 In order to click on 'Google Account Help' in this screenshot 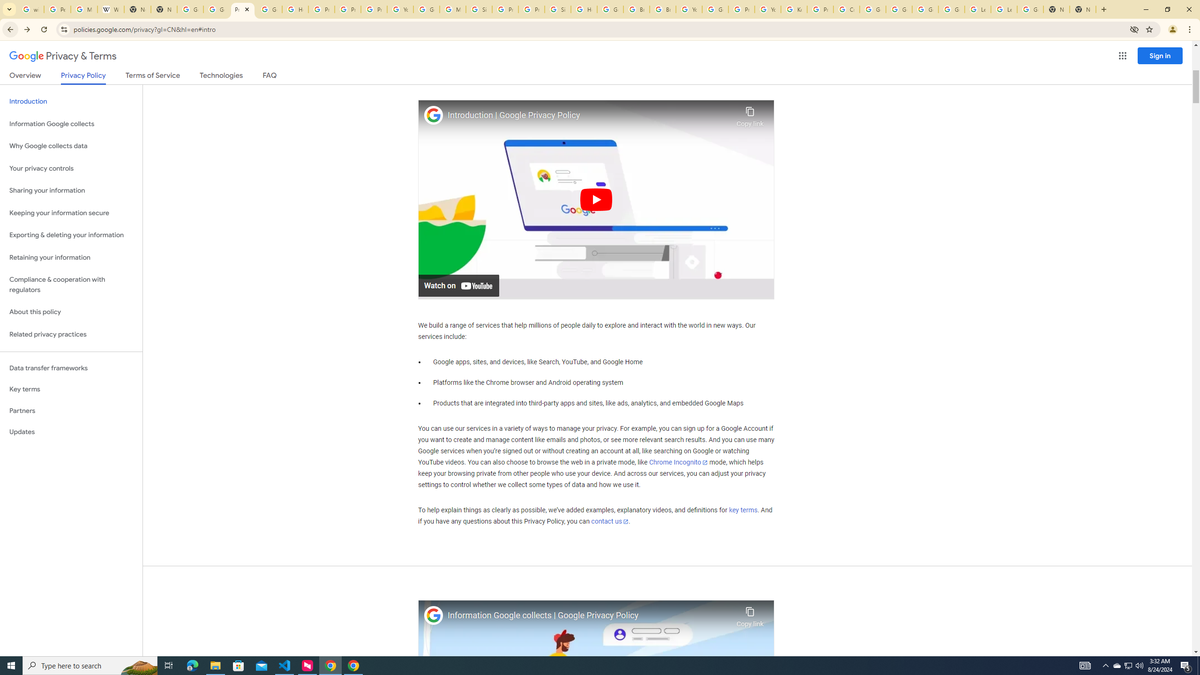, I will do `click(899, 9)`.